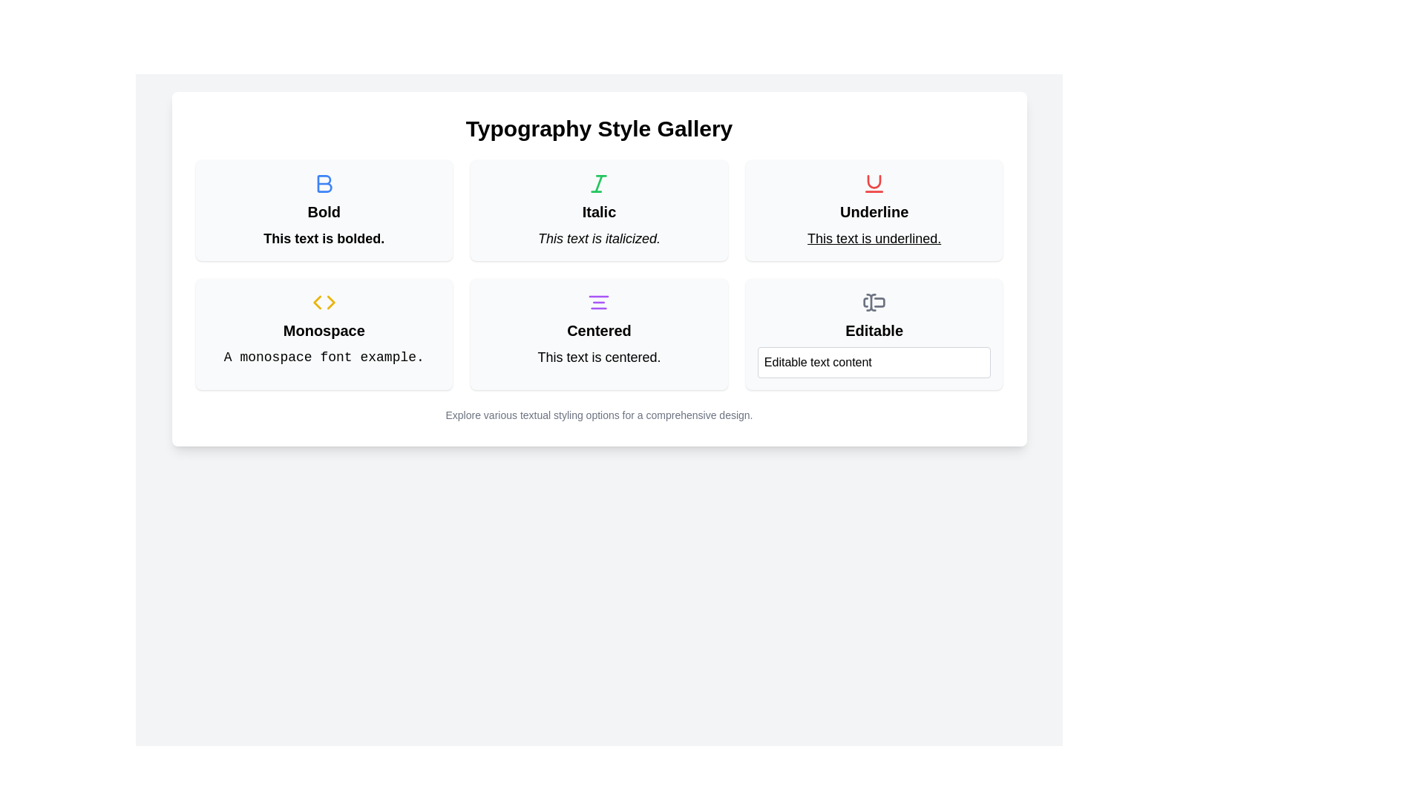 The image size is (1425, 801). I want to click on the left-facing triangular arrow icon with a yellow stroke and hollow center located in the top-left corner of the 'Monospace' box, so click(316, 302).